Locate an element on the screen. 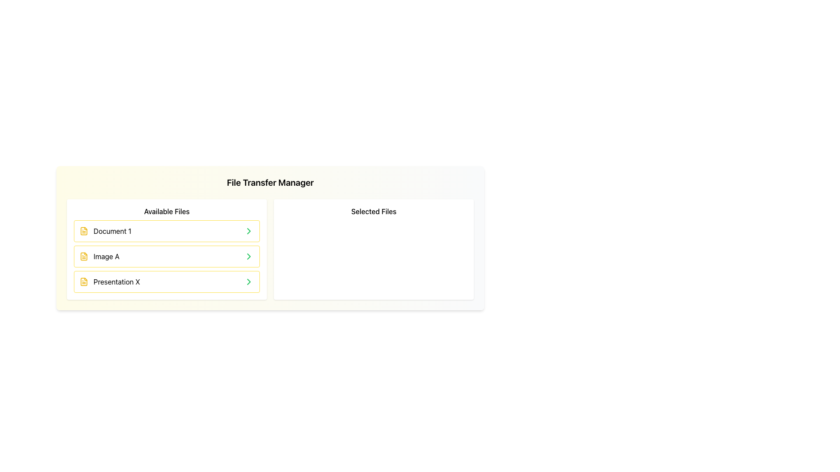 The image size is (840, 472). the third list item labeled 'Presentation X' in the 'Available Files' section is located at coordinates (109, 281).